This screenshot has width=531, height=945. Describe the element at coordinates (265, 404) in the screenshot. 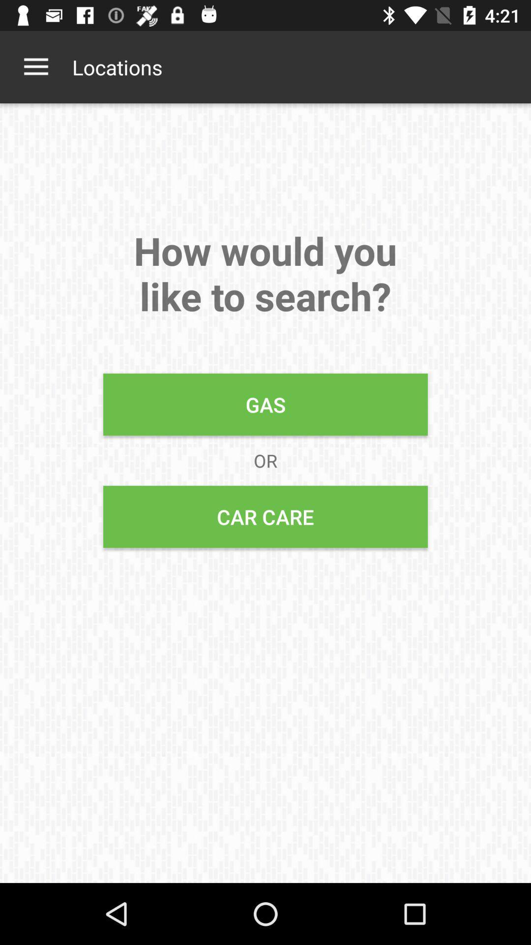

I see `the gas` at that location.